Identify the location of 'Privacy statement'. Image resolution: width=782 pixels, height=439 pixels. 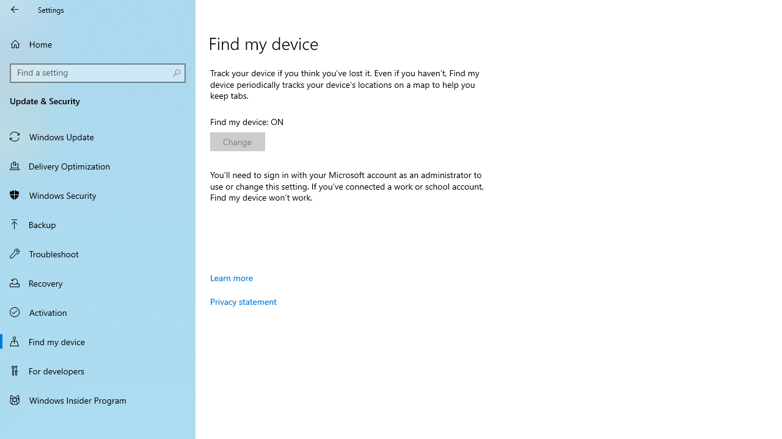
(243, 301).